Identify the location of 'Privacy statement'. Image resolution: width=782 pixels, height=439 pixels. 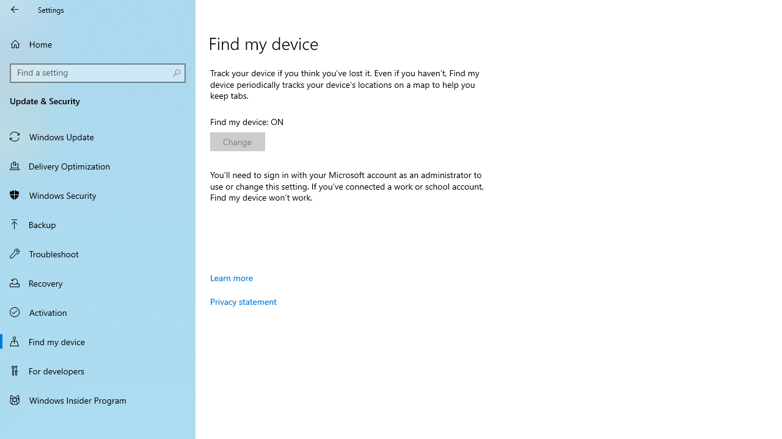
(243, 301).